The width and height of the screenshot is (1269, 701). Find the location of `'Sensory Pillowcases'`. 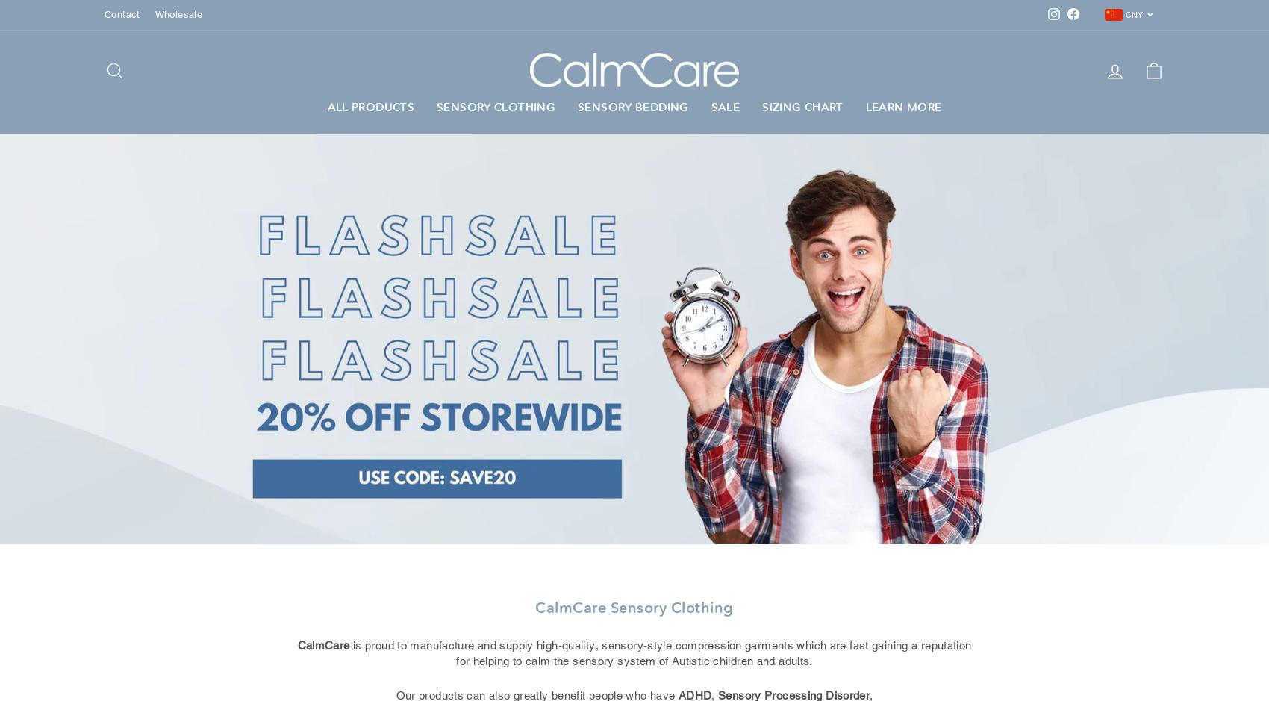

'Sensory Pillowcases' is located at coordinates (630, 157).